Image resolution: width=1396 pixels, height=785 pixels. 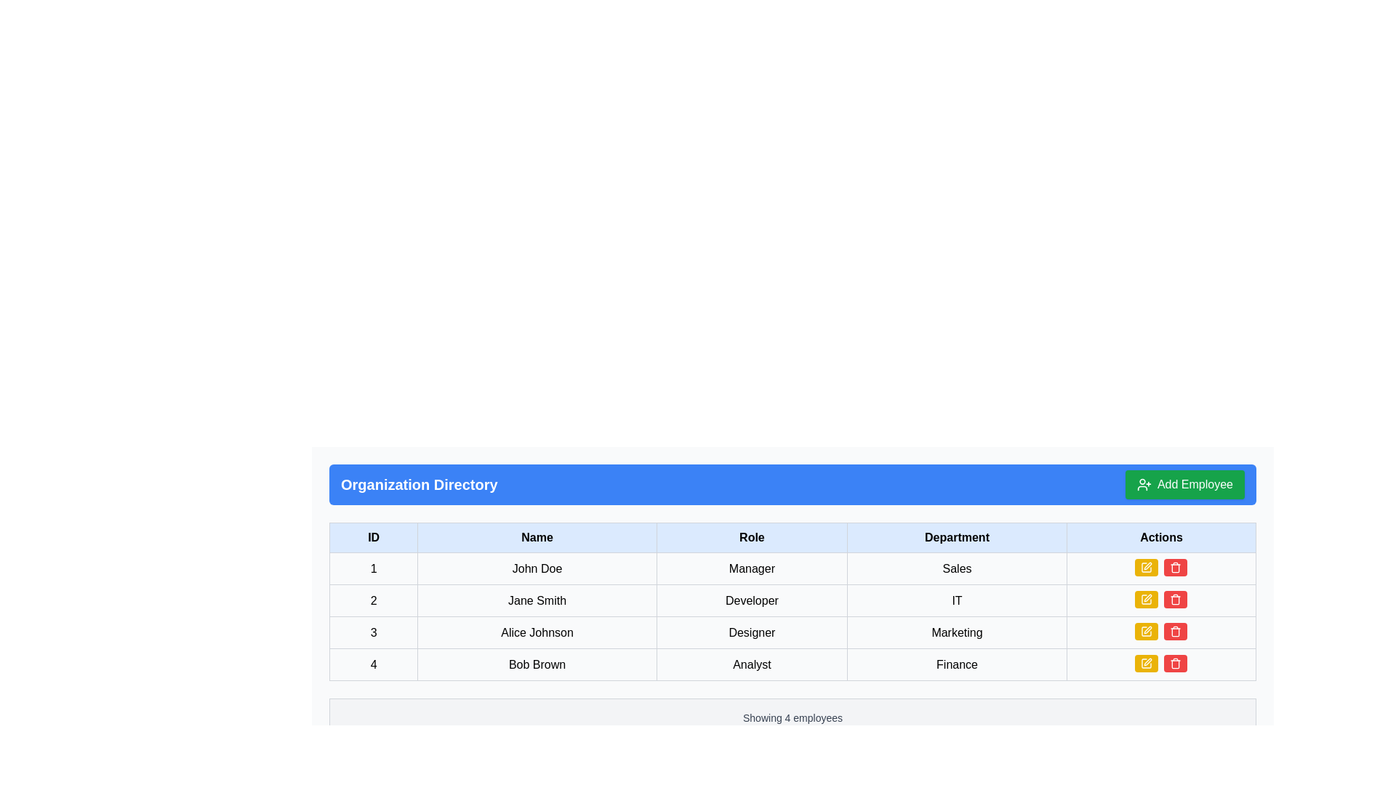 What do you see at coordinates (957, 600) in the screenshot?
I see `the table cell in the fourth column of the second row that denotes 'IT' as the department for 'Jane Smith'` at bounding box center [957, 600].